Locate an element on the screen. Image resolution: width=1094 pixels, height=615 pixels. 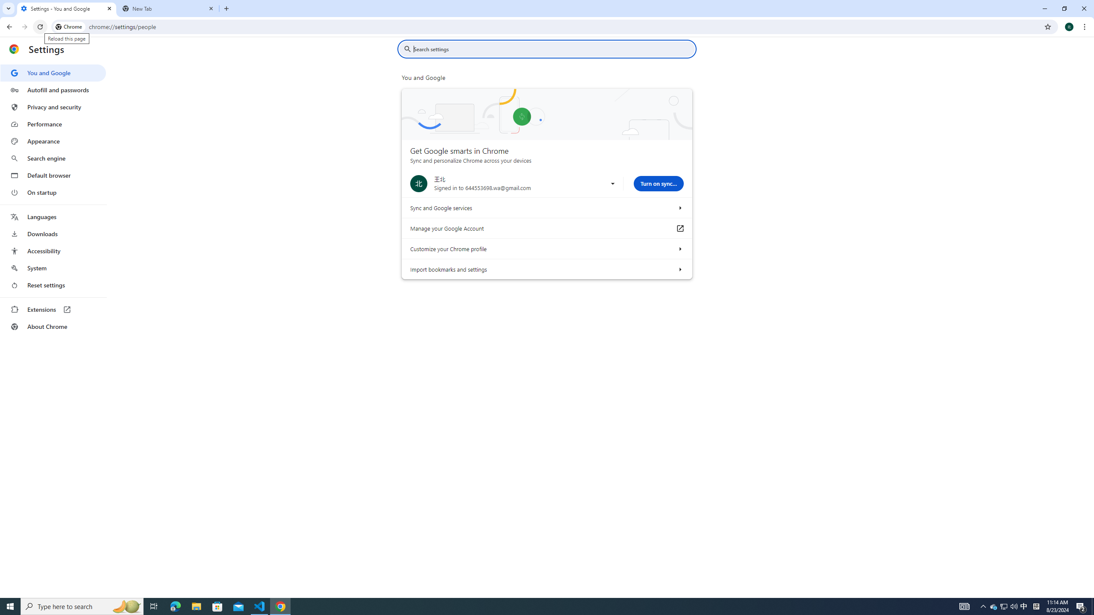
'Privacy and security' is located at coordinates (53, 106).